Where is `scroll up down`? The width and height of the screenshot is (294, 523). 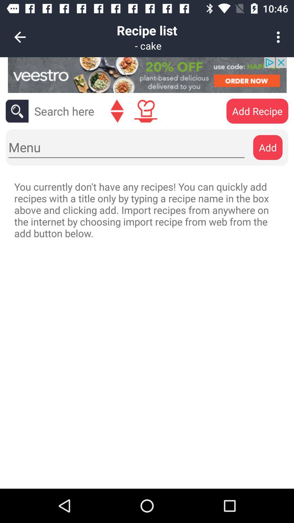 scroll up down is located at coordinates (117, 111).